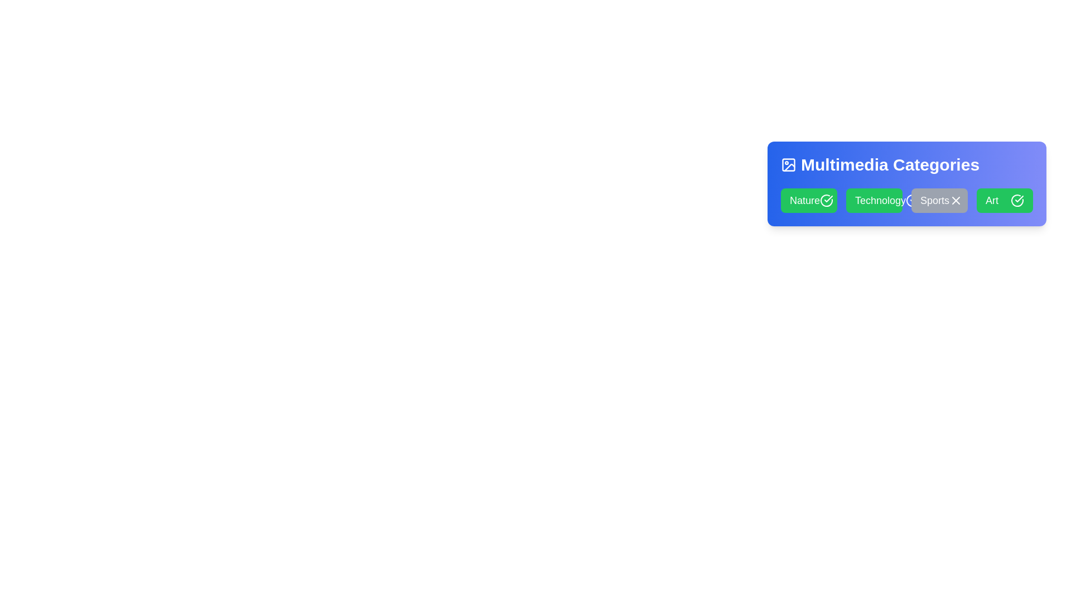 The image size is (1071, 602). Describe the element at coordinates (939, 200) in the screenshot. I see `the 'Sports' category button` at that location.